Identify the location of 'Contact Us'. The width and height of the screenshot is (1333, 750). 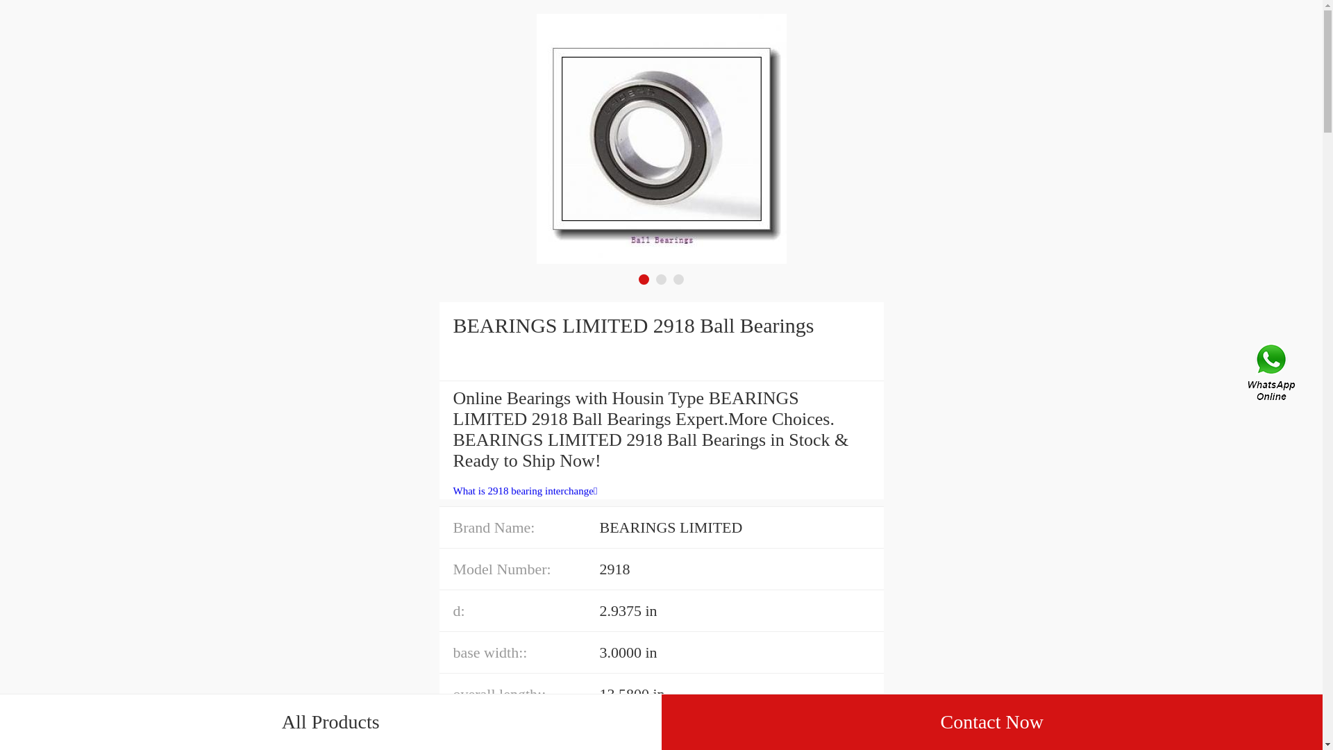
(1273, 375).